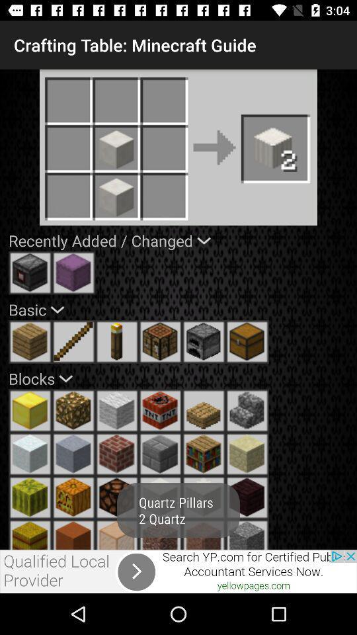 The image size is (357, 635). What do you see at coordinates (204, 497) in the screenshot?
I see `choose option` at bounding box center [204, 497].